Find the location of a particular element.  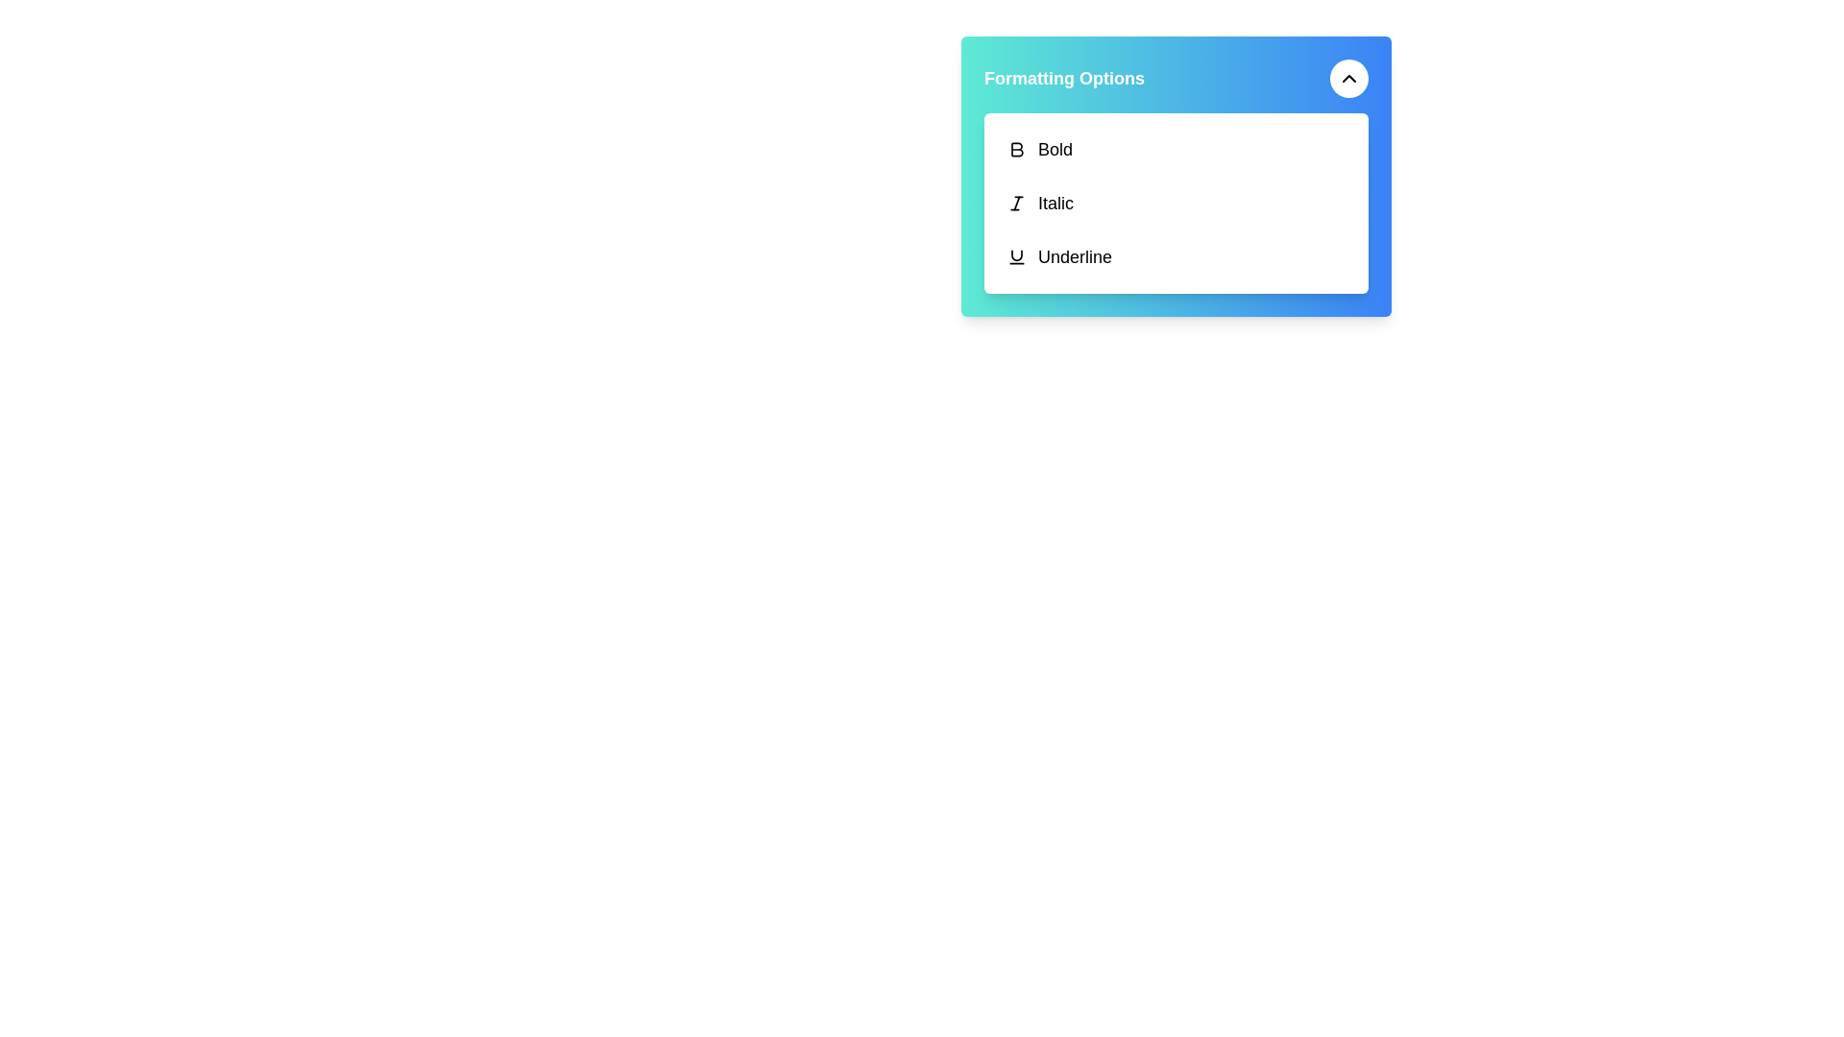

the text label that reads 'Italic', which is located under the formatting options panel, to the right of the bold 'I' icon and above the 'Underline' option is located at coordinates (1055, 204).